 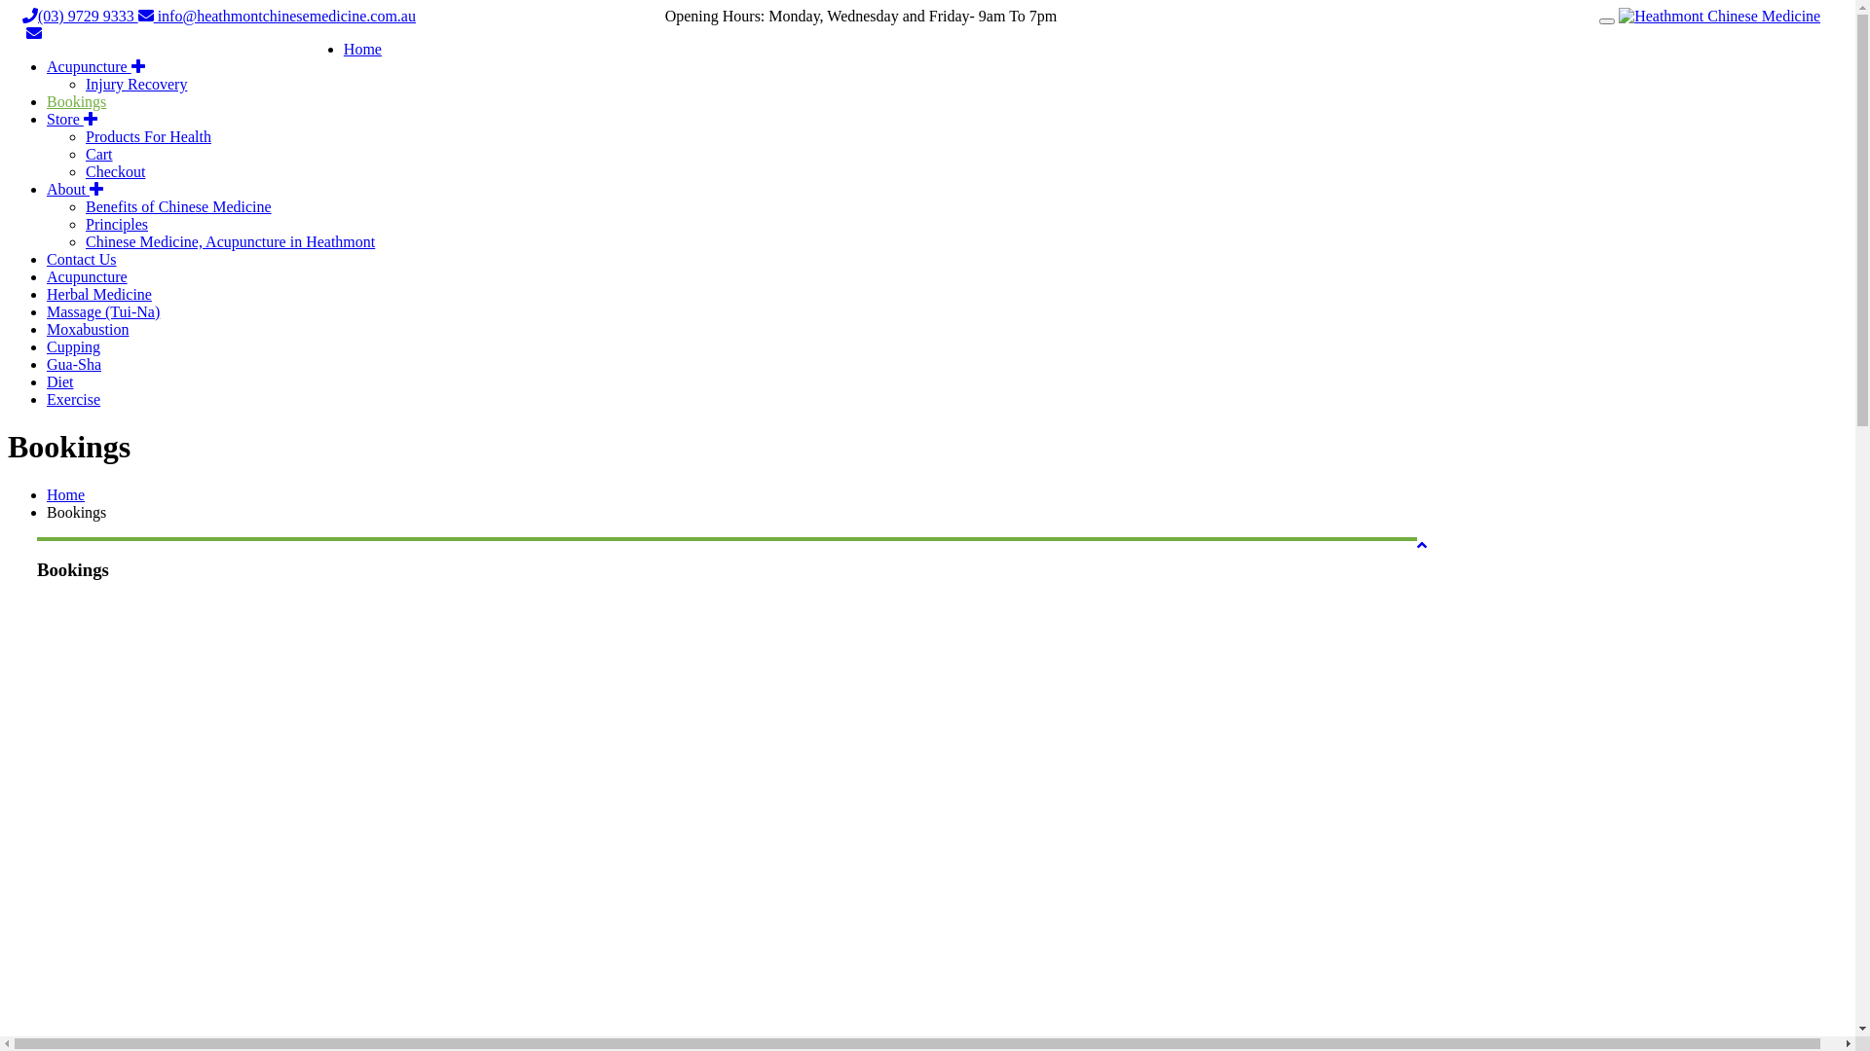 I want to click on 'Gua-Sha', so click(x=74, y=364).